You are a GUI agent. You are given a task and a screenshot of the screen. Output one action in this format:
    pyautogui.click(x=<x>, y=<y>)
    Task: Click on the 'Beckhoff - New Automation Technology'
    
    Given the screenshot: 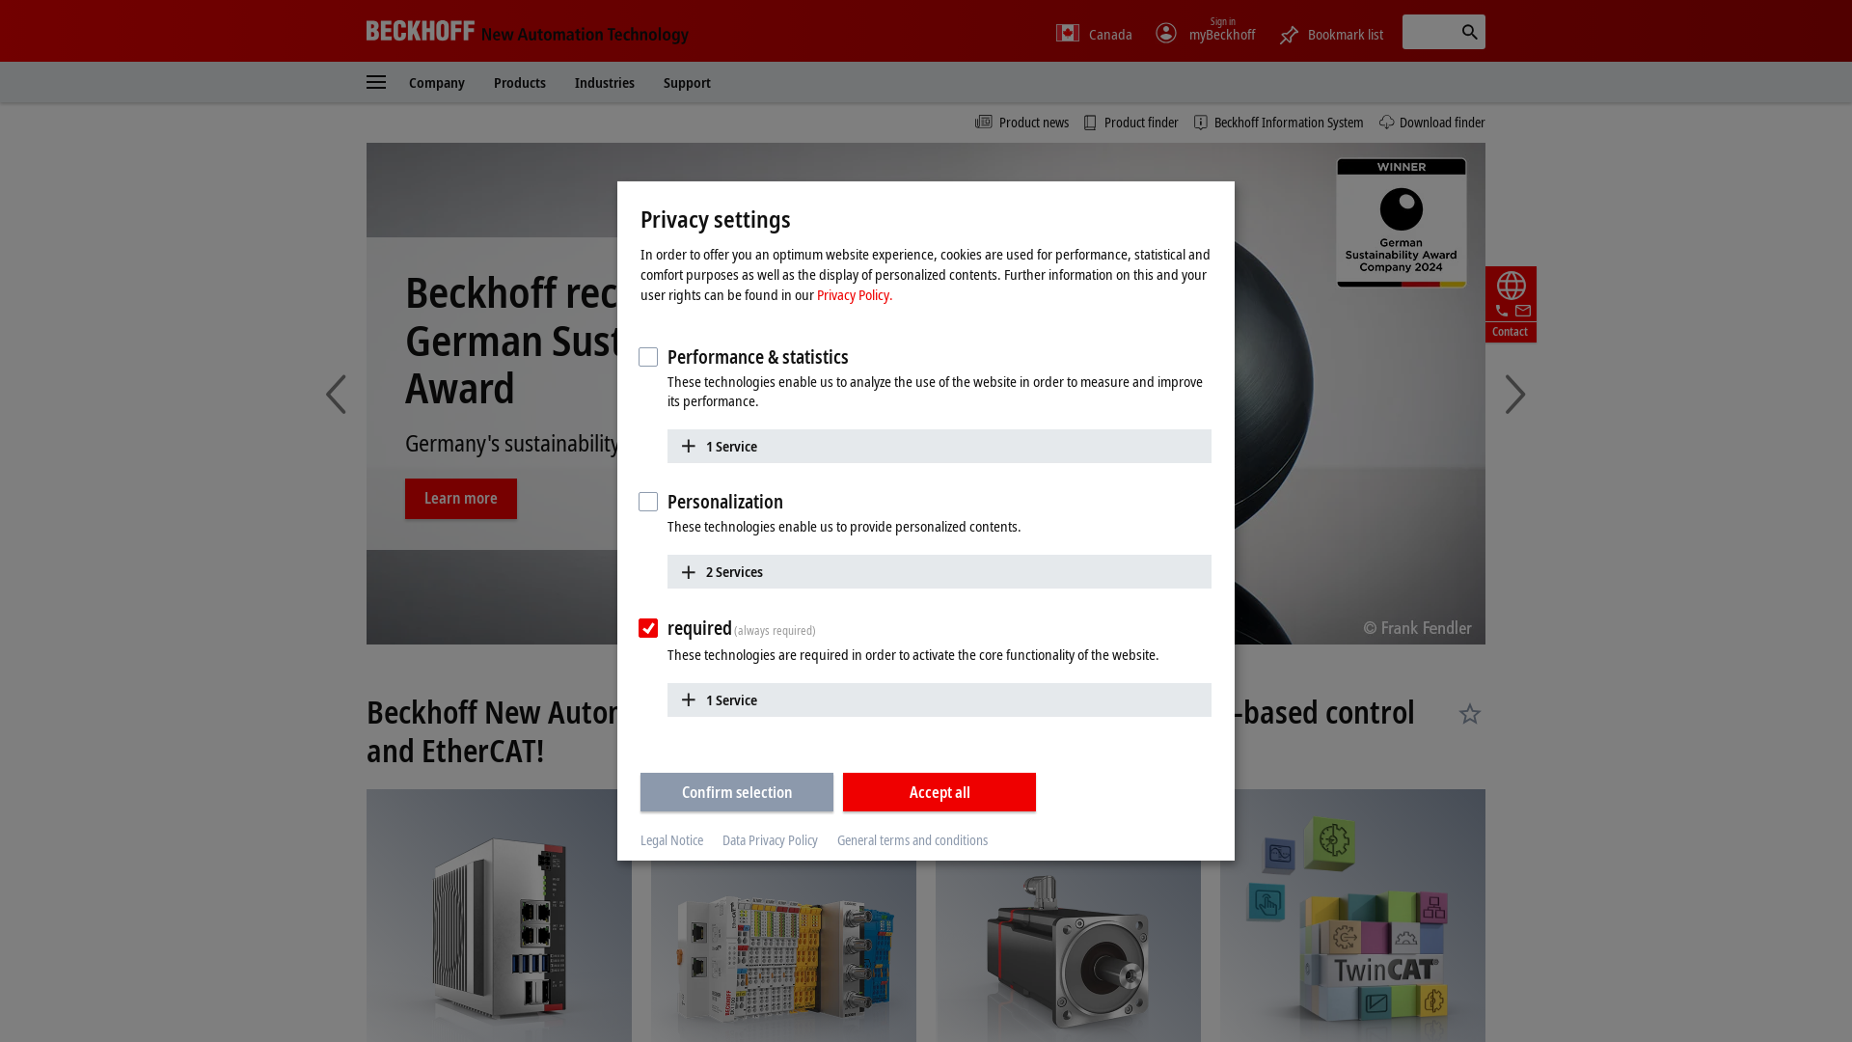 What is the action you would take?
    pyautogui.click(x=528, y=30)
    